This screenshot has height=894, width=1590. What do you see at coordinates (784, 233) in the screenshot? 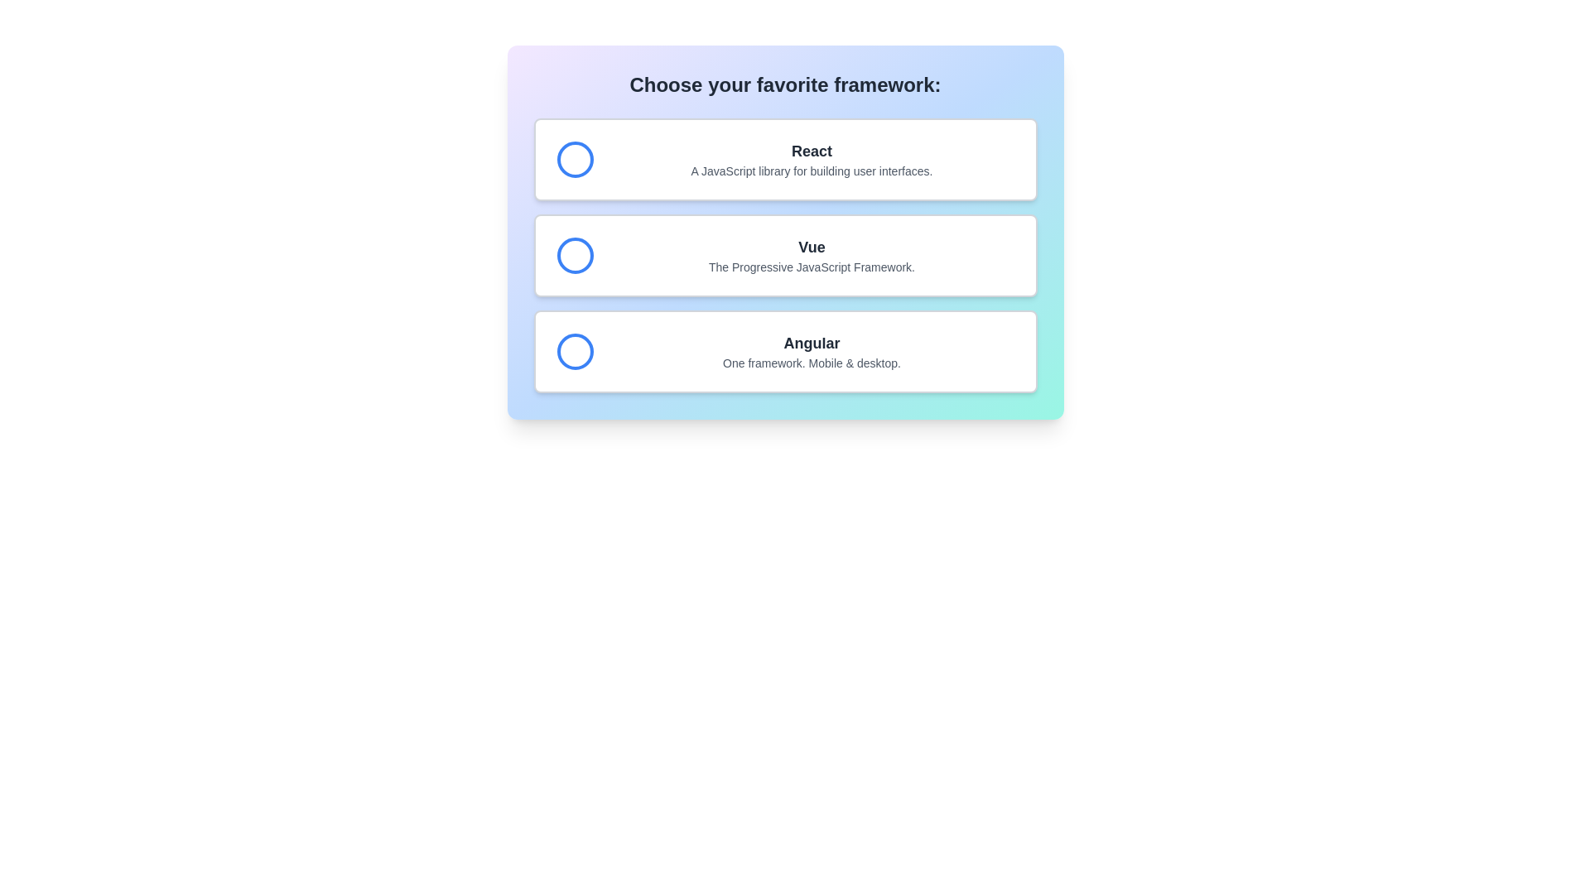
I see `the interactive card option for 'Vue', the middle choice in a vertical stack of three options` at bounding box center [784, 233].